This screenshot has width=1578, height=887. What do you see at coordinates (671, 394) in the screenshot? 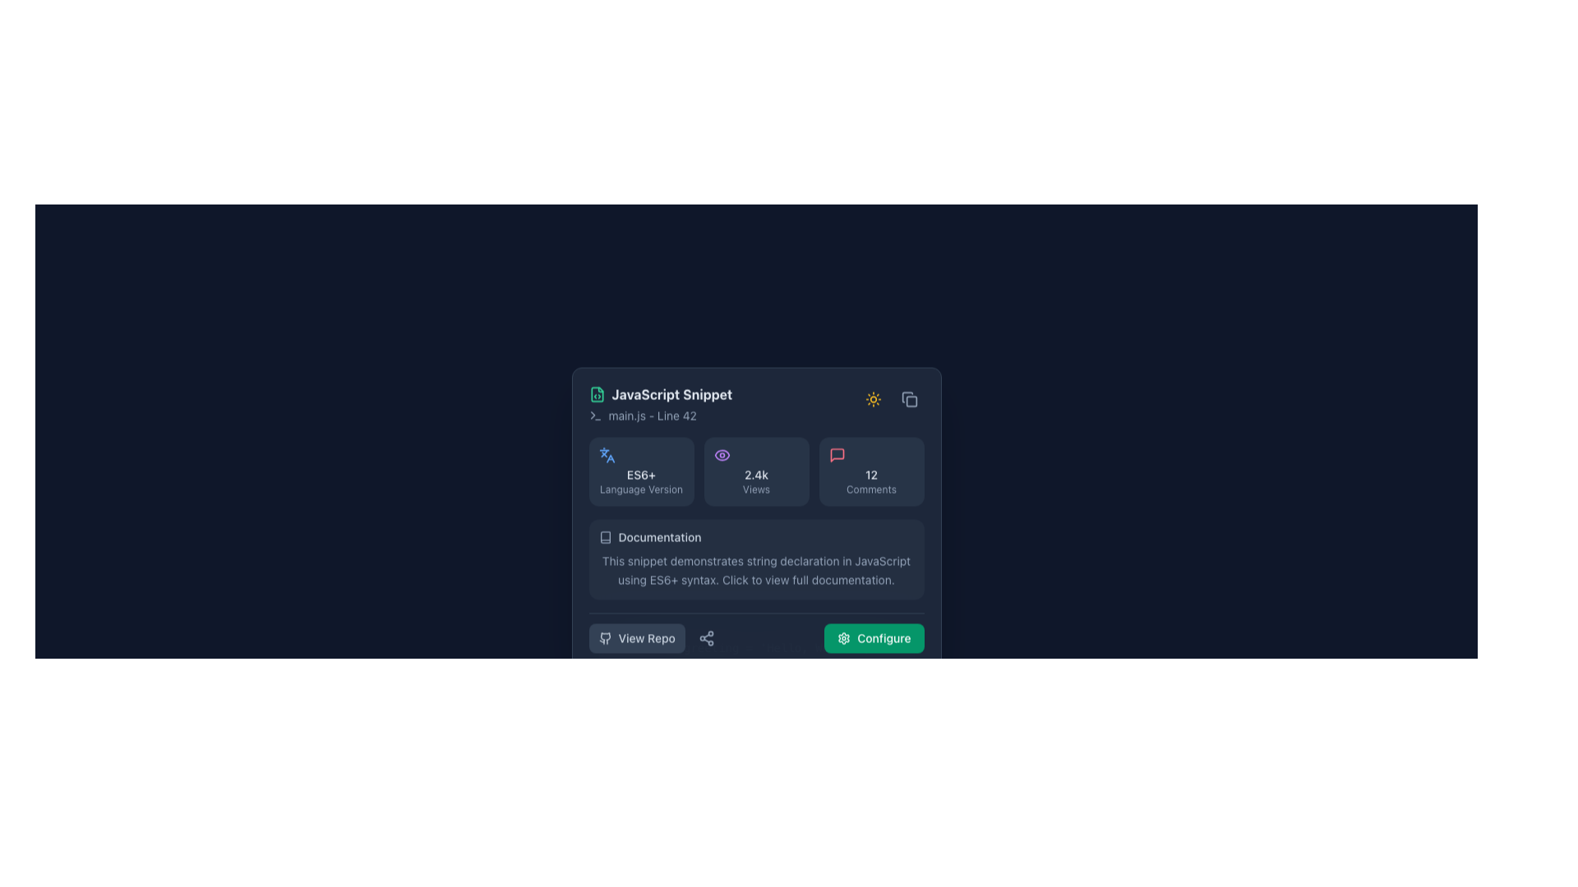
I see `bold-styled text label displaying 'JavaScript Snippet' in light gray located at the top section of a card component for its textual content` at bounding box center [671, 394].